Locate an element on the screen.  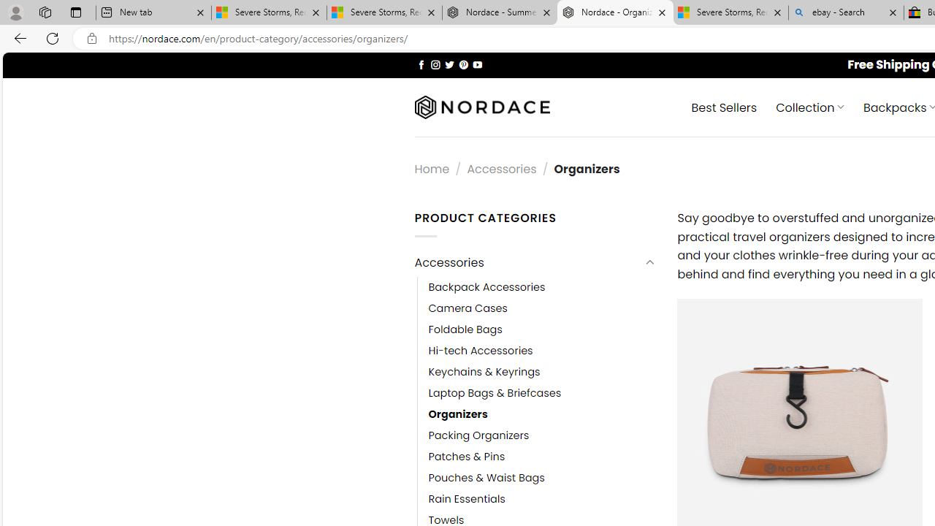
'Back' is located at coordinates (18, 37).